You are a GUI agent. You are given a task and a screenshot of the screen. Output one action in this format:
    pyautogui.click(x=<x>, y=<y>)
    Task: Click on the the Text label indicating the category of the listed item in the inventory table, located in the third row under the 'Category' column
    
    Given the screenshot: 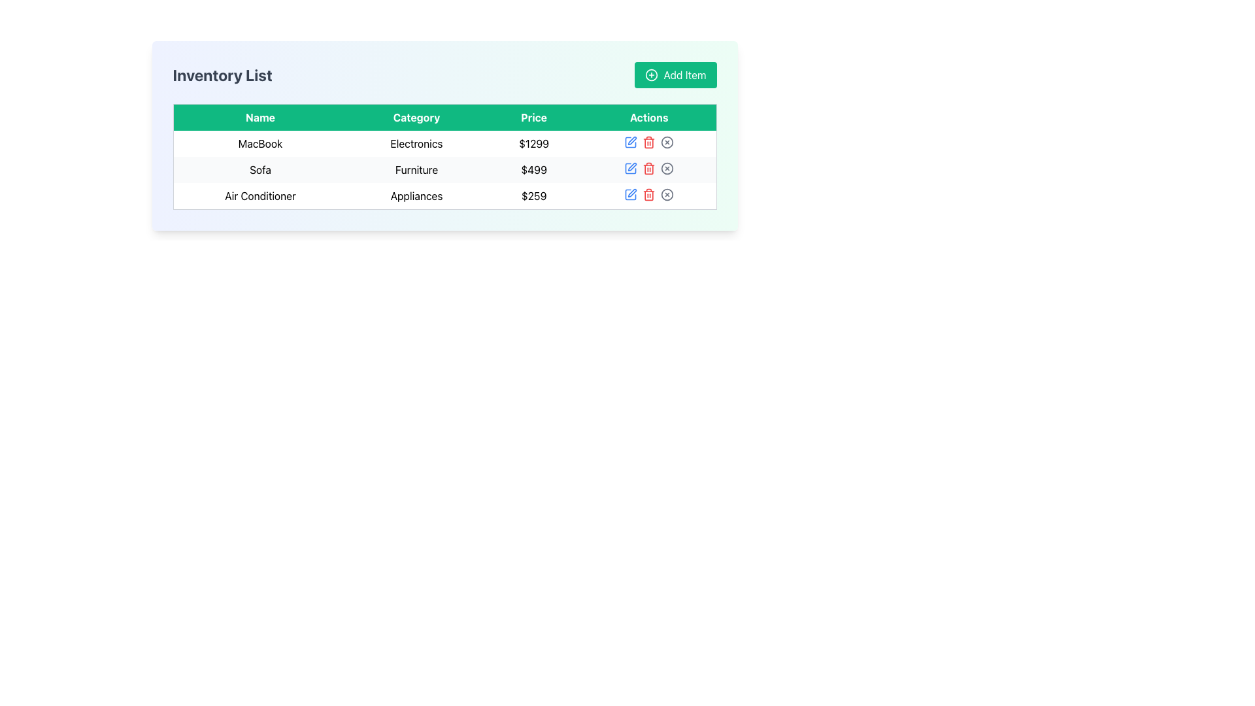 What is the action you would take?
    pyautogui.click(x=416, y=196)
    